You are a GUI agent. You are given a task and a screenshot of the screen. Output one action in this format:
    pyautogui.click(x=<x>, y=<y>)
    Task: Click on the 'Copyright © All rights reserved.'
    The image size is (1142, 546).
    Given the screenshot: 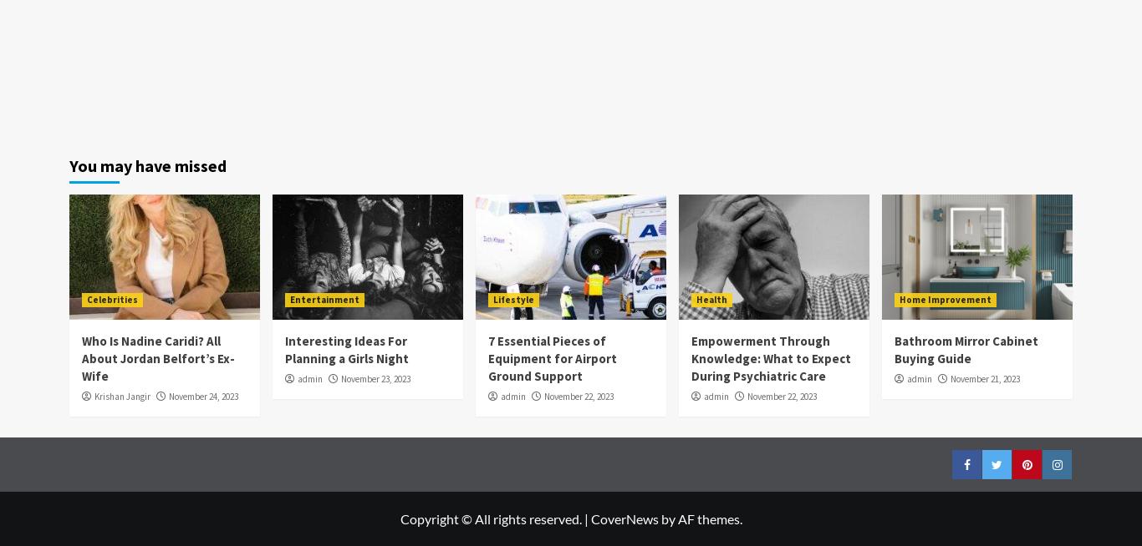 What is the action you would take?
    pyautogui.click(x=399, y=518)
    